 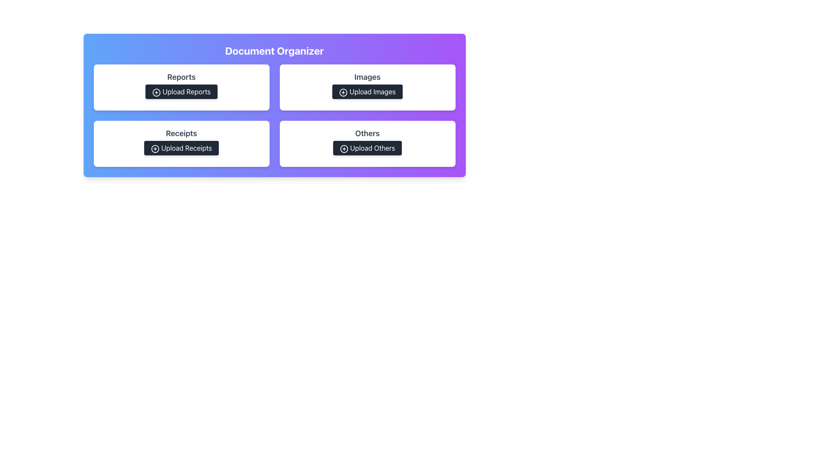 I want to click on the 'Upload Receipts' button, which has a dark grey background, white text, and a plus icon, so click(x=181, y=148).